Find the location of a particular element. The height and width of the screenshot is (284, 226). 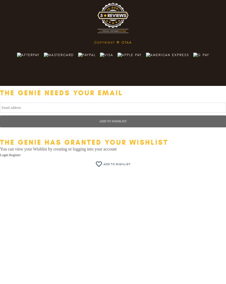

'Register' is located at coordinates (15, 154).